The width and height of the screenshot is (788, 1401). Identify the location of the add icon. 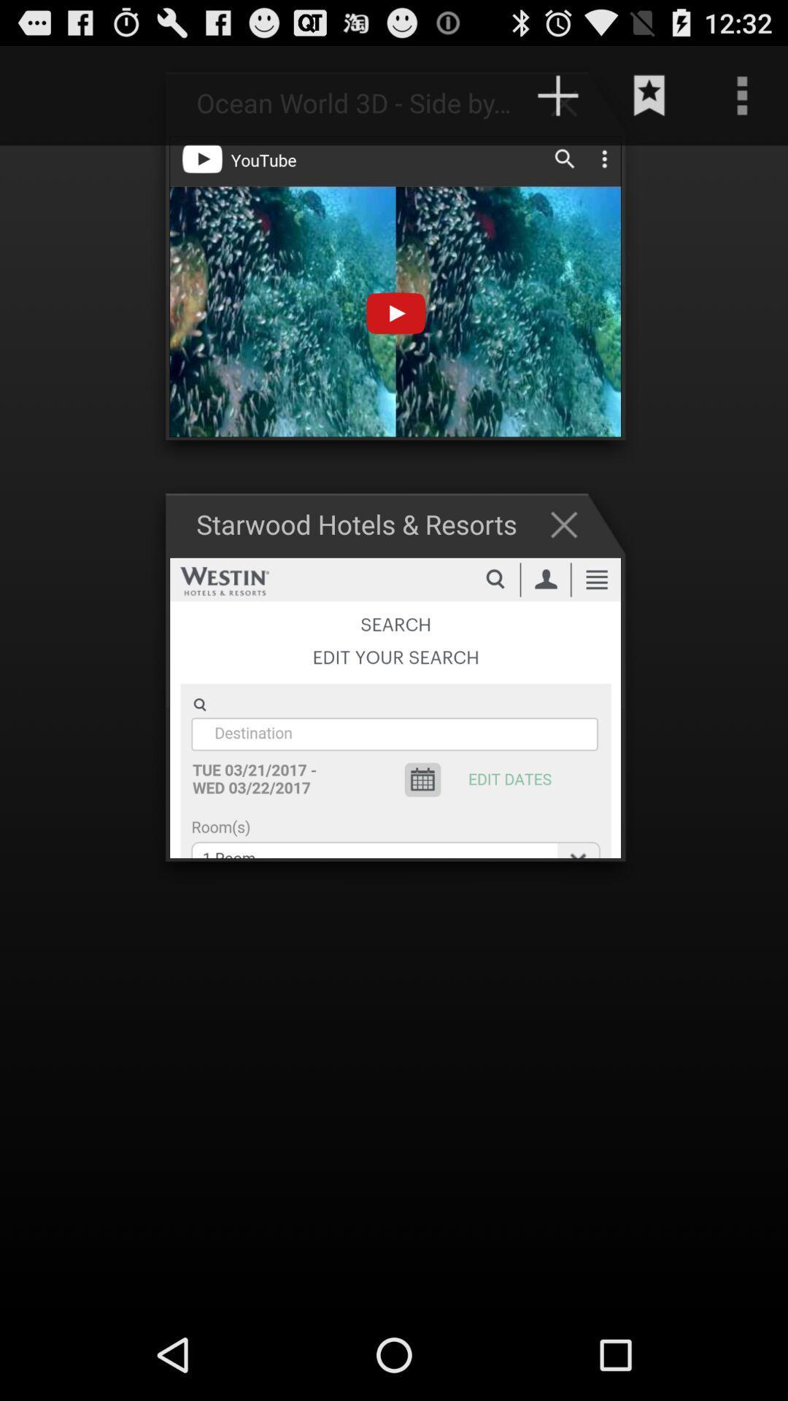
(557, 101).